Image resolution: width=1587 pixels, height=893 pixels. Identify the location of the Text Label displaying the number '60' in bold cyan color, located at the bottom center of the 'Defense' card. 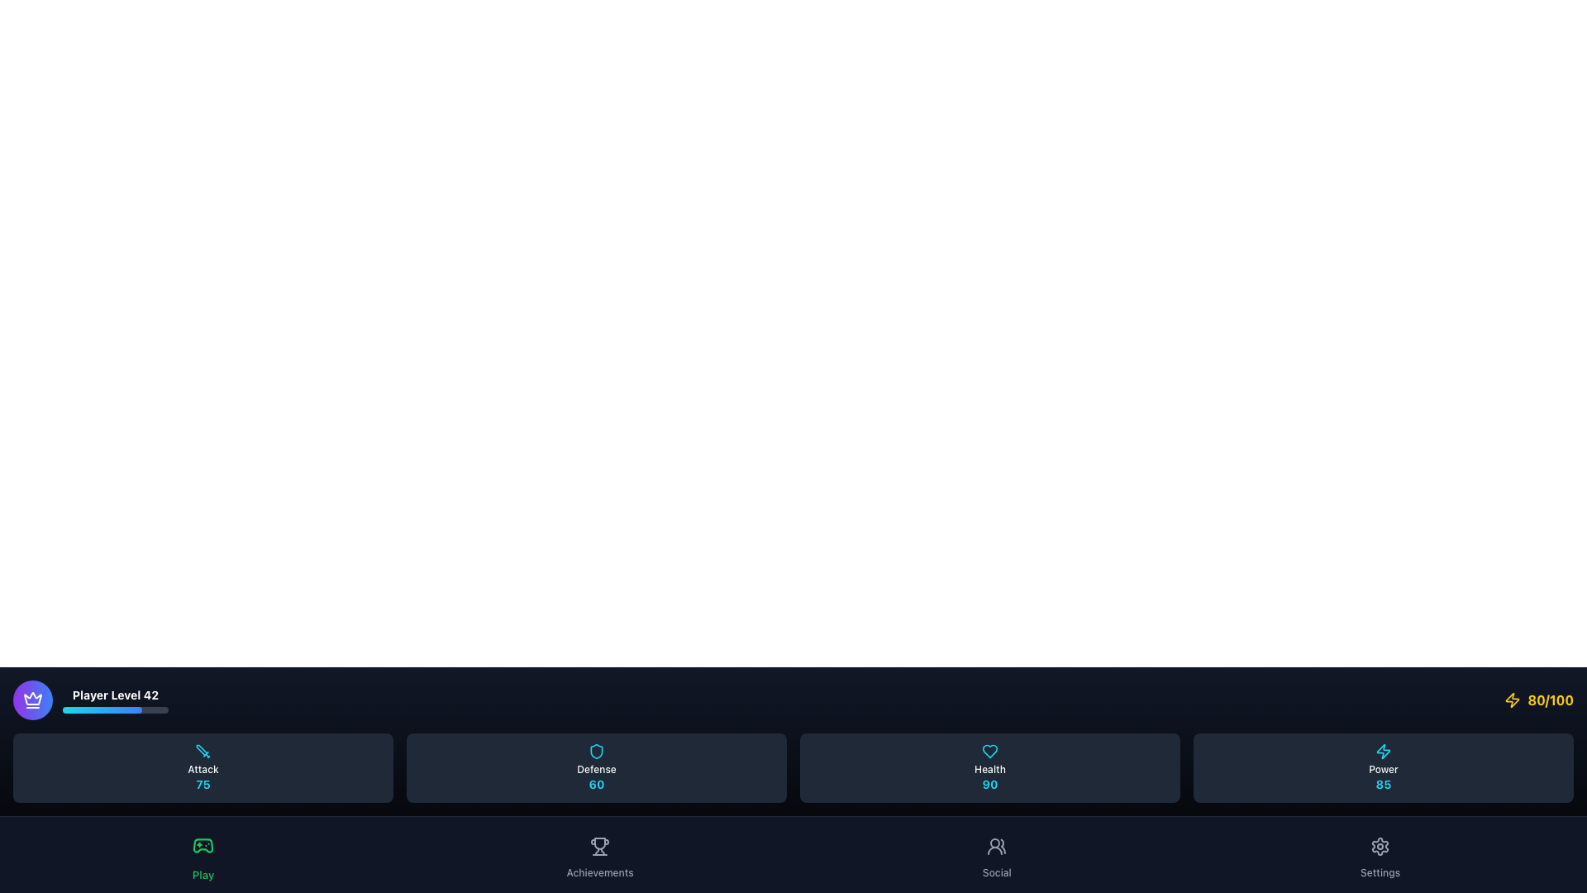
(595, 783).